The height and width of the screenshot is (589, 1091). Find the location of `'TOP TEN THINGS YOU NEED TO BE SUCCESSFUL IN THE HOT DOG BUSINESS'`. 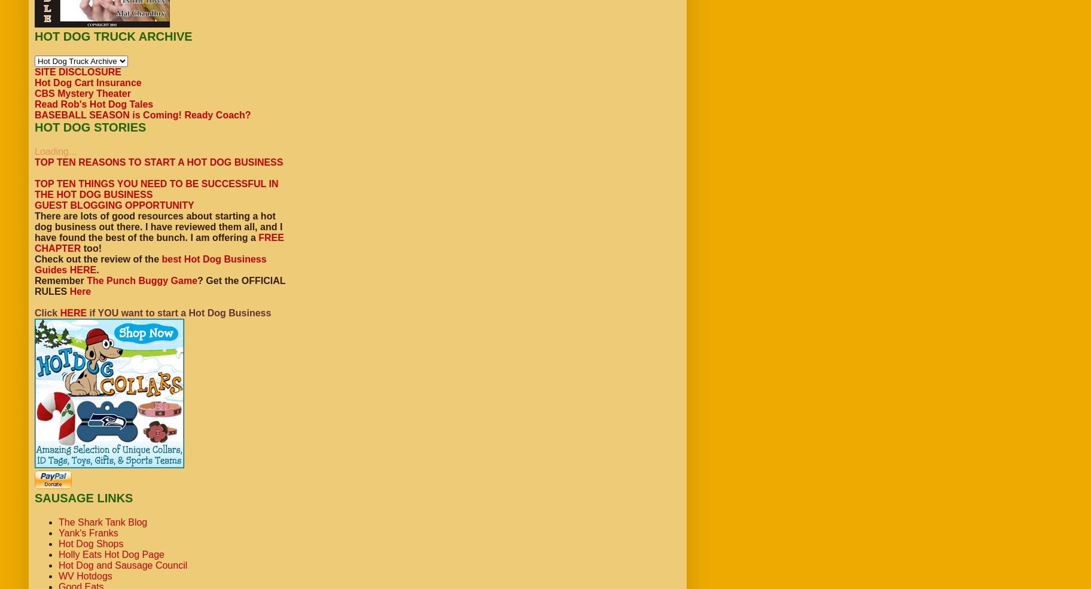

'TOP TEN THINGS YOU NEED TO BE SUCCESSFUL IN THE HOT DOG BUSINESS' is located at coordinates (156, 189).